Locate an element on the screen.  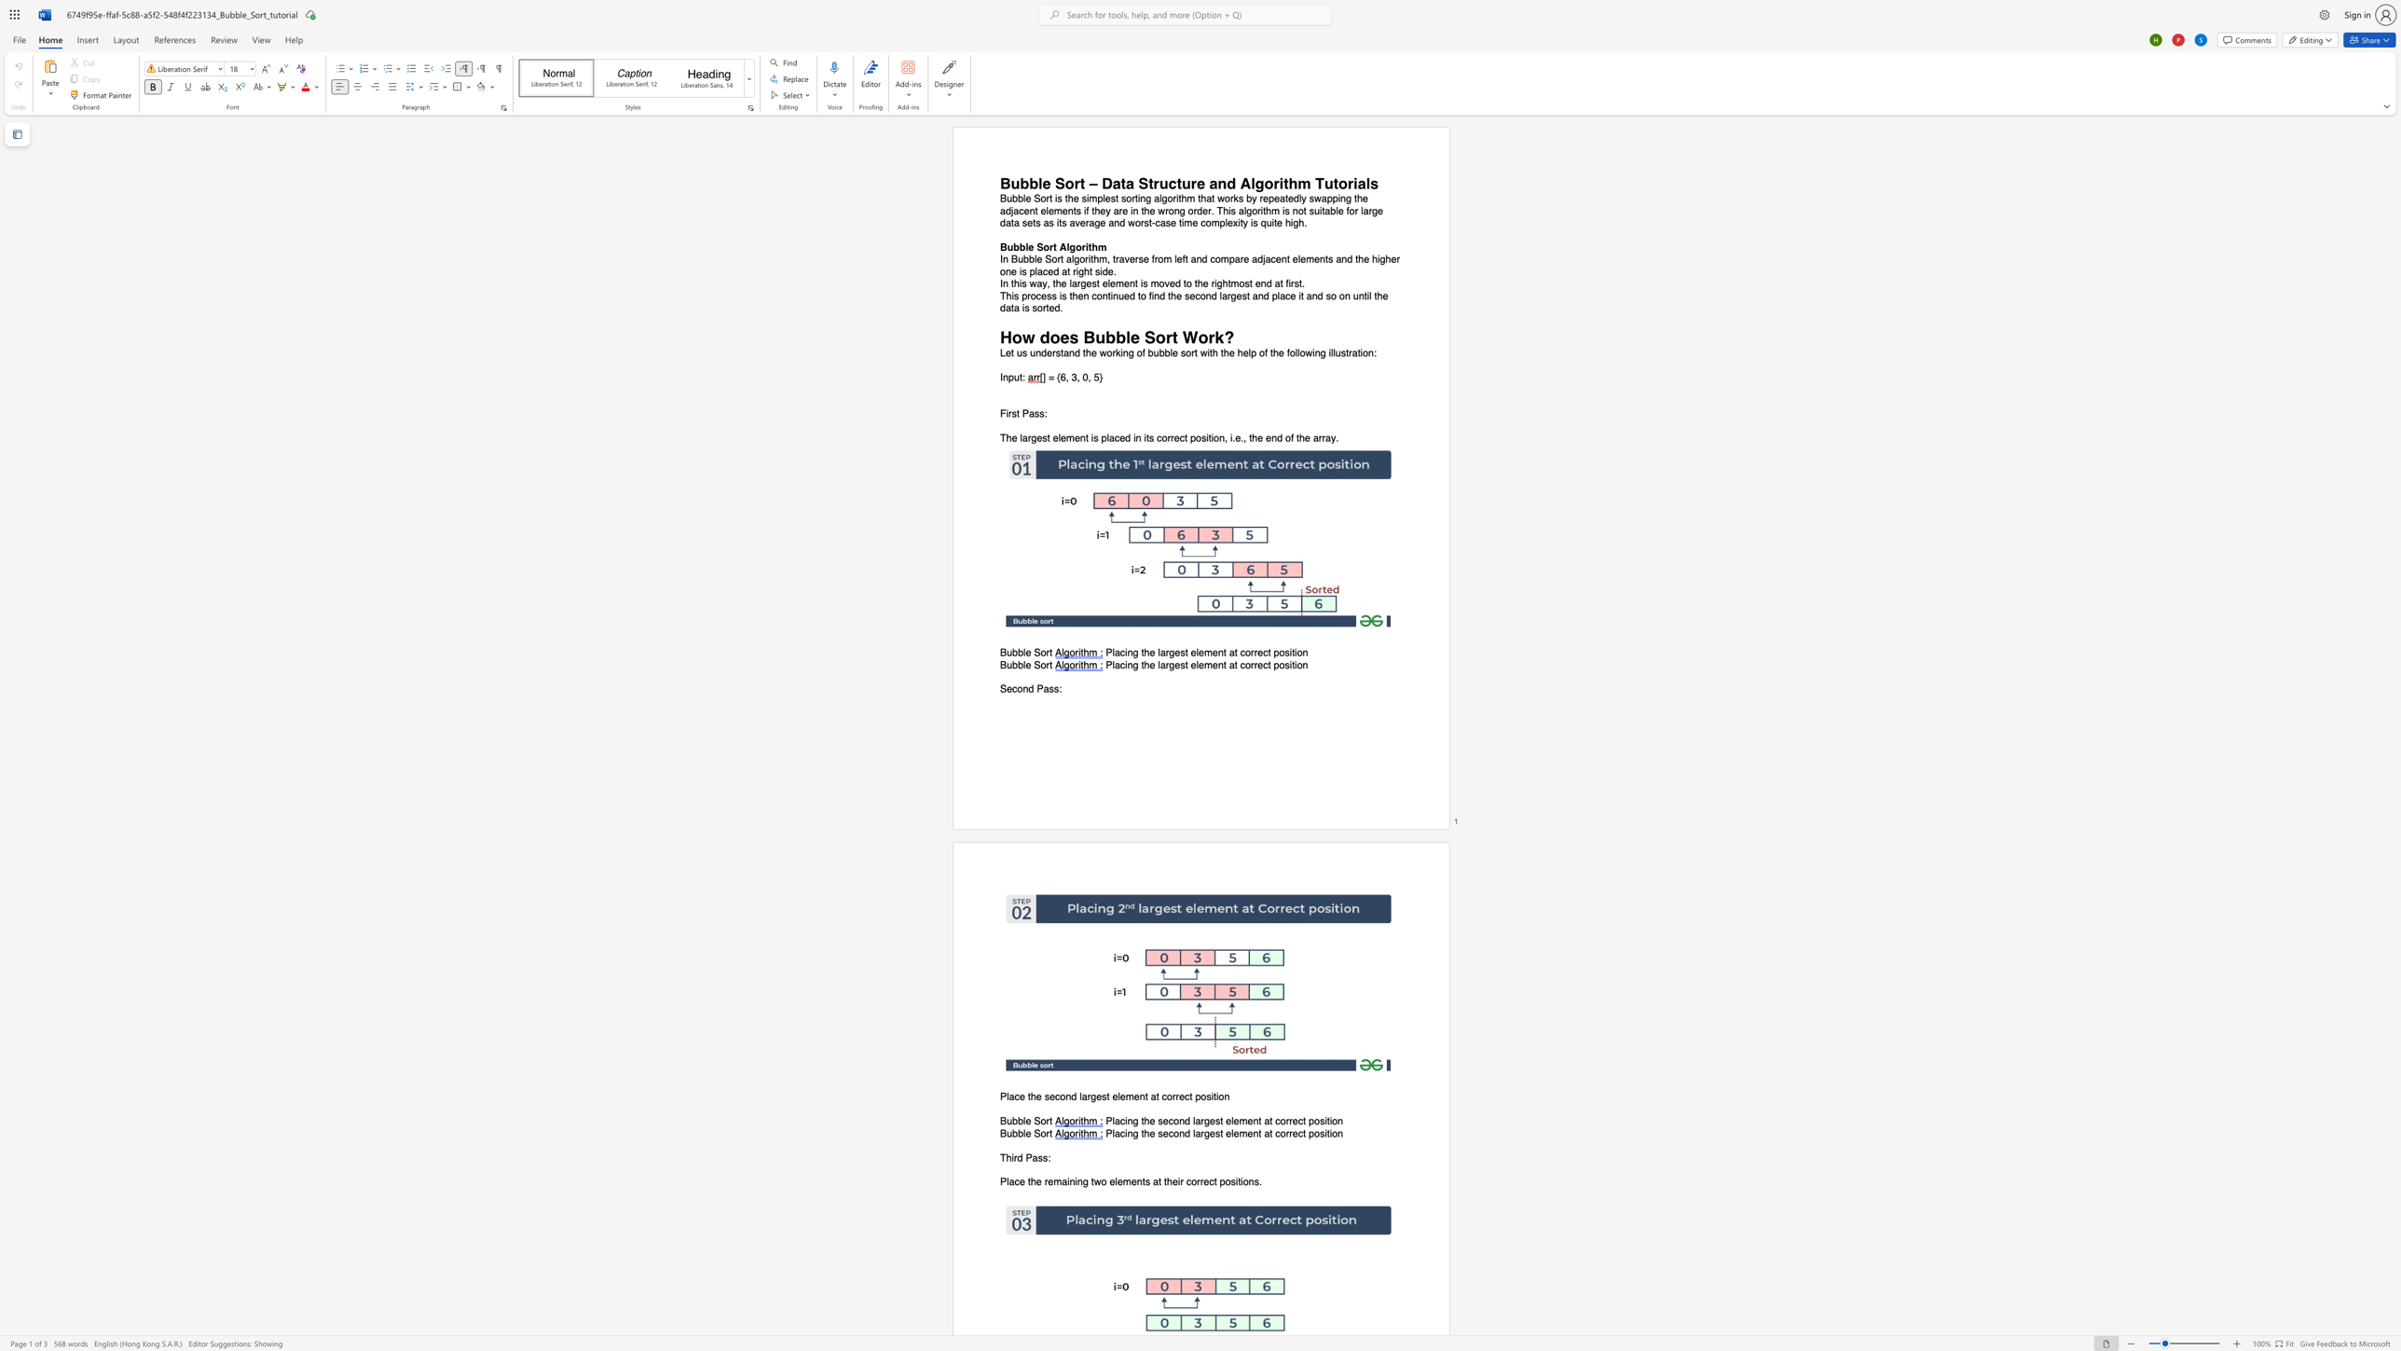
the space between the continuous character "h" and "m" in the text is located at coordinates (1297, 183).